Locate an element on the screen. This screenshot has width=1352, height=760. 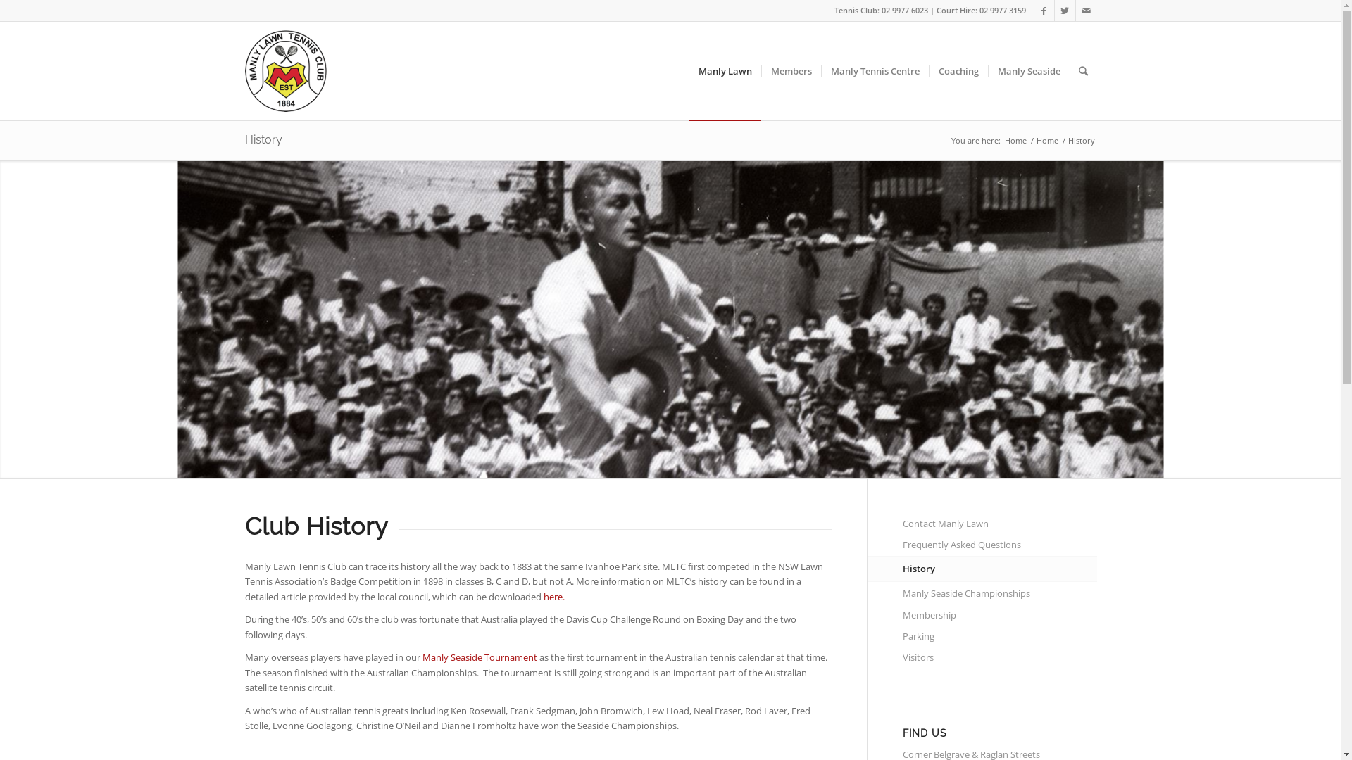
'Coaching' is located at coordinates (957, 70).